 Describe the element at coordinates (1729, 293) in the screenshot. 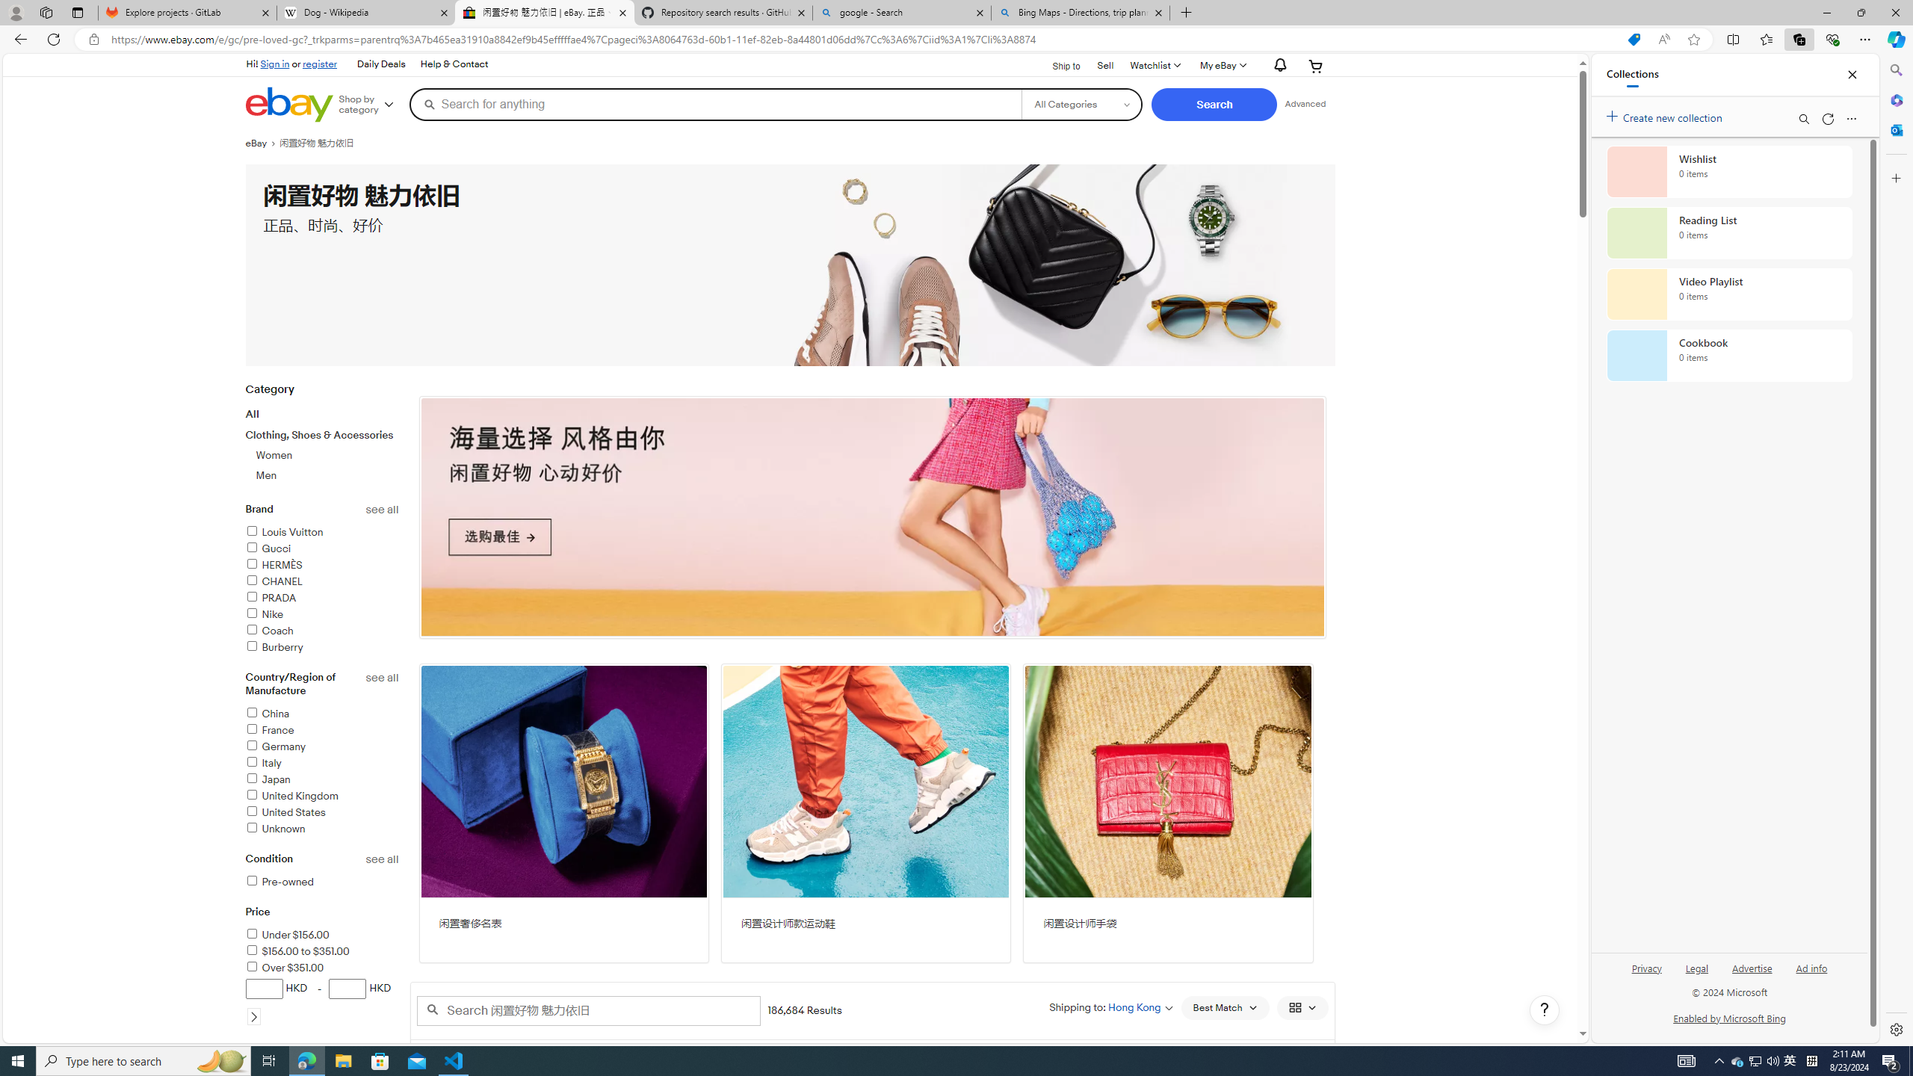

I see `'Video Playlist collection, 0 items'` at that location.